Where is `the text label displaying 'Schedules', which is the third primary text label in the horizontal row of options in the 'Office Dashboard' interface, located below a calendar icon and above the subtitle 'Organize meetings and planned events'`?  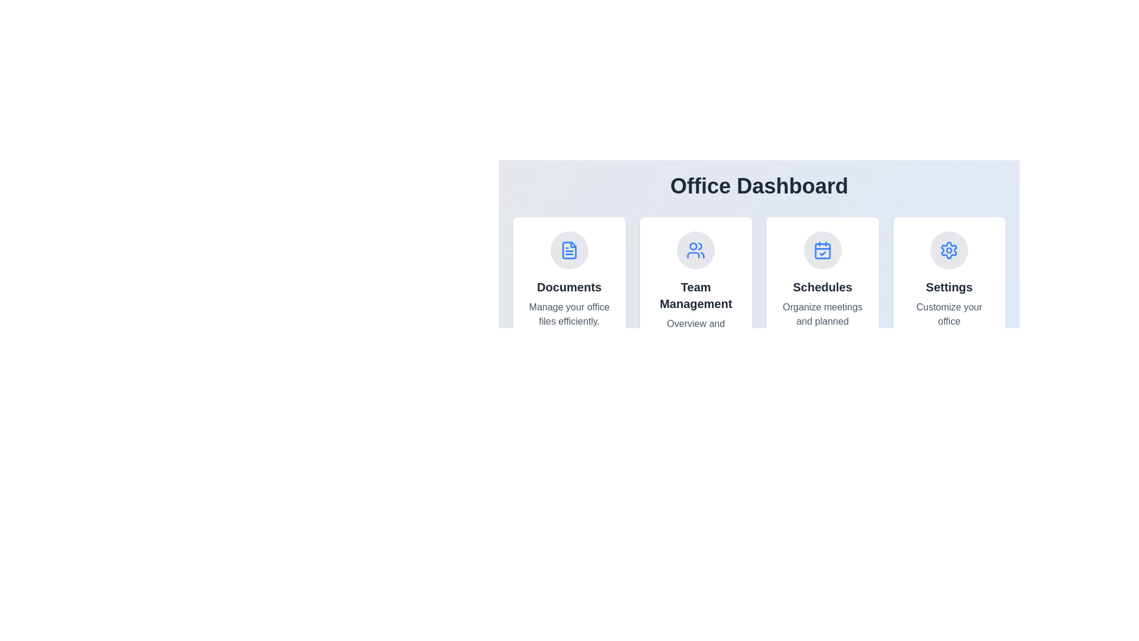 the text label displaying 'Schedules', which is the third primary text label in the horizontal row of options in the 'Office Dashboard' interface, located below a calendar icon and above the subtitle 'Organize meetings and planned events' is located at coordinates (822, 287).